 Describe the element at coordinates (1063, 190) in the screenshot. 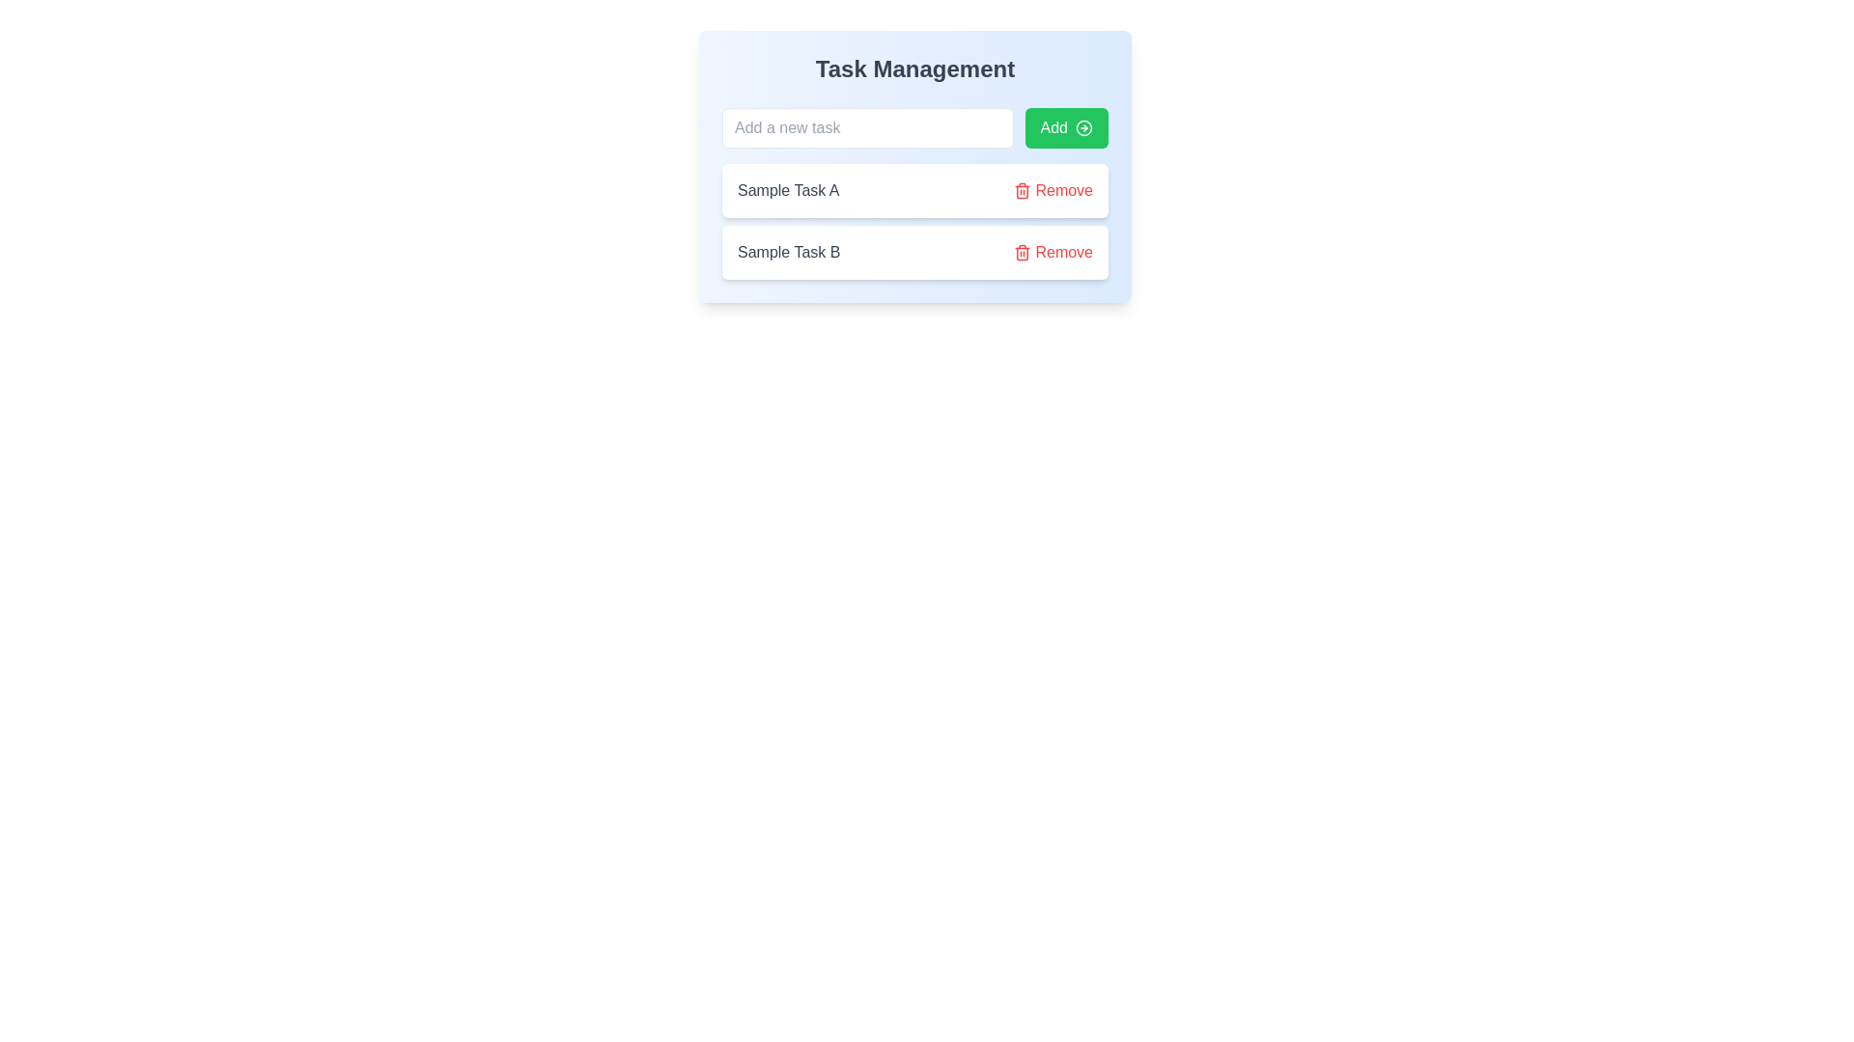

I see `the text label for removing the associated task 'Sample Task A' located to the right of the task name and adjacent to the trash can icon` at that location.